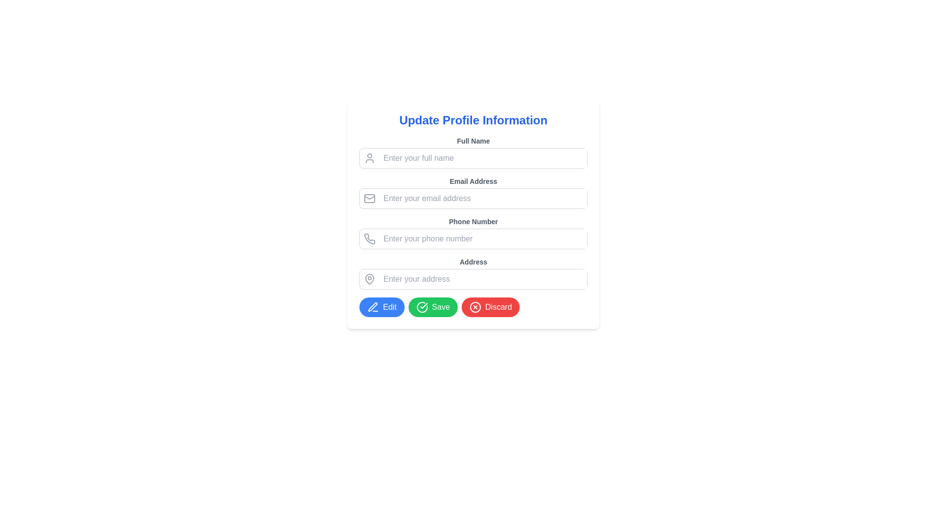 Image resolution: width=944 pixels, height=531 pixels. What do you see at coordinates (475, 306) in the screenshot?
I see `the 'Discard' button, which is the rightmost red button among three at the bottom of the form interface` at bounding box center [475, 306].